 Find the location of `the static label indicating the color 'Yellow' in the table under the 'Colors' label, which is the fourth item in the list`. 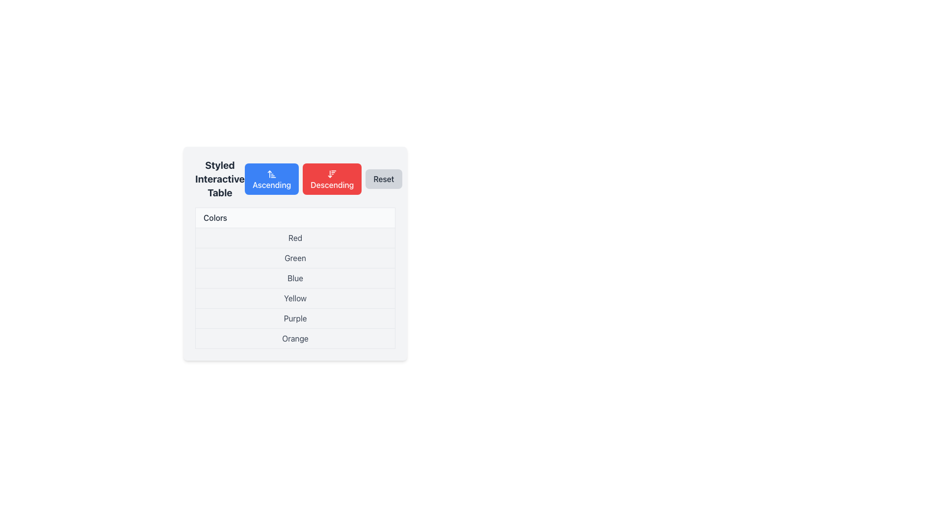

the static label indicating the color 'Yellow' in the table under the 'Colors' label, which is the fourth item in the list is located at coordinates (294, 298).